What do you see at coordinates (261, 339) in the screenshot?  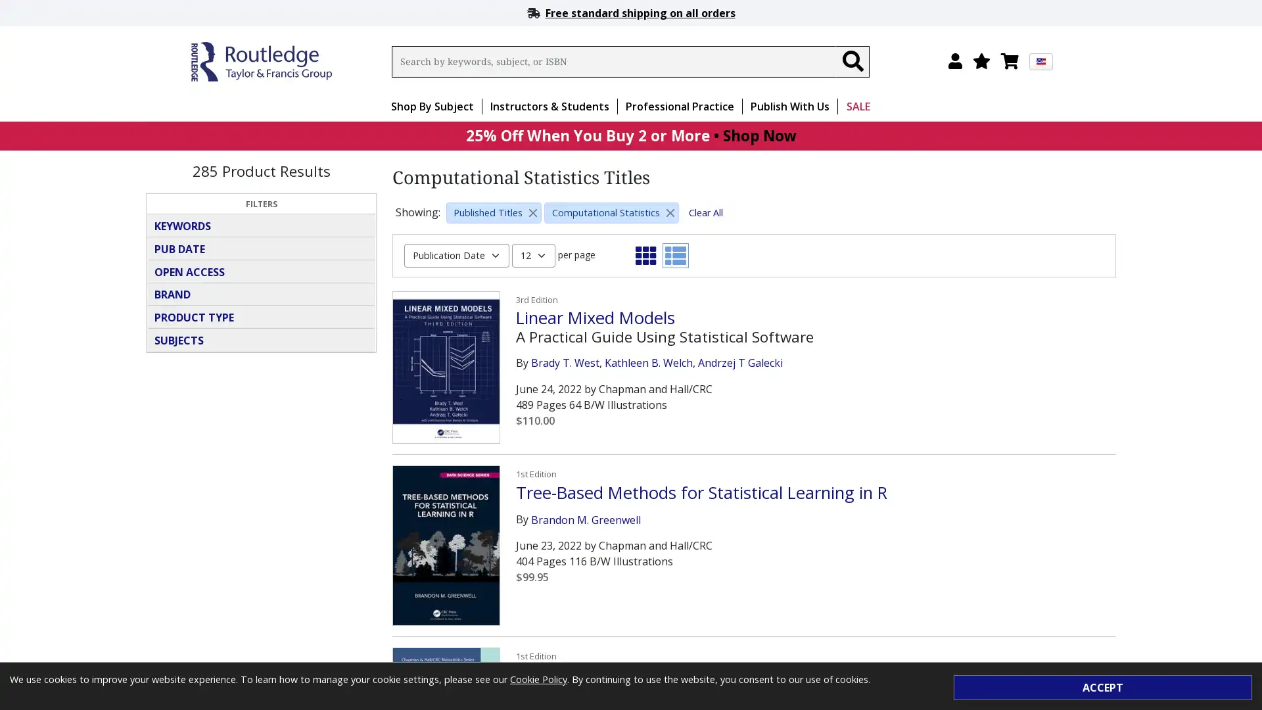 I see `SUBJECTS` at bounding box center [261, 339].